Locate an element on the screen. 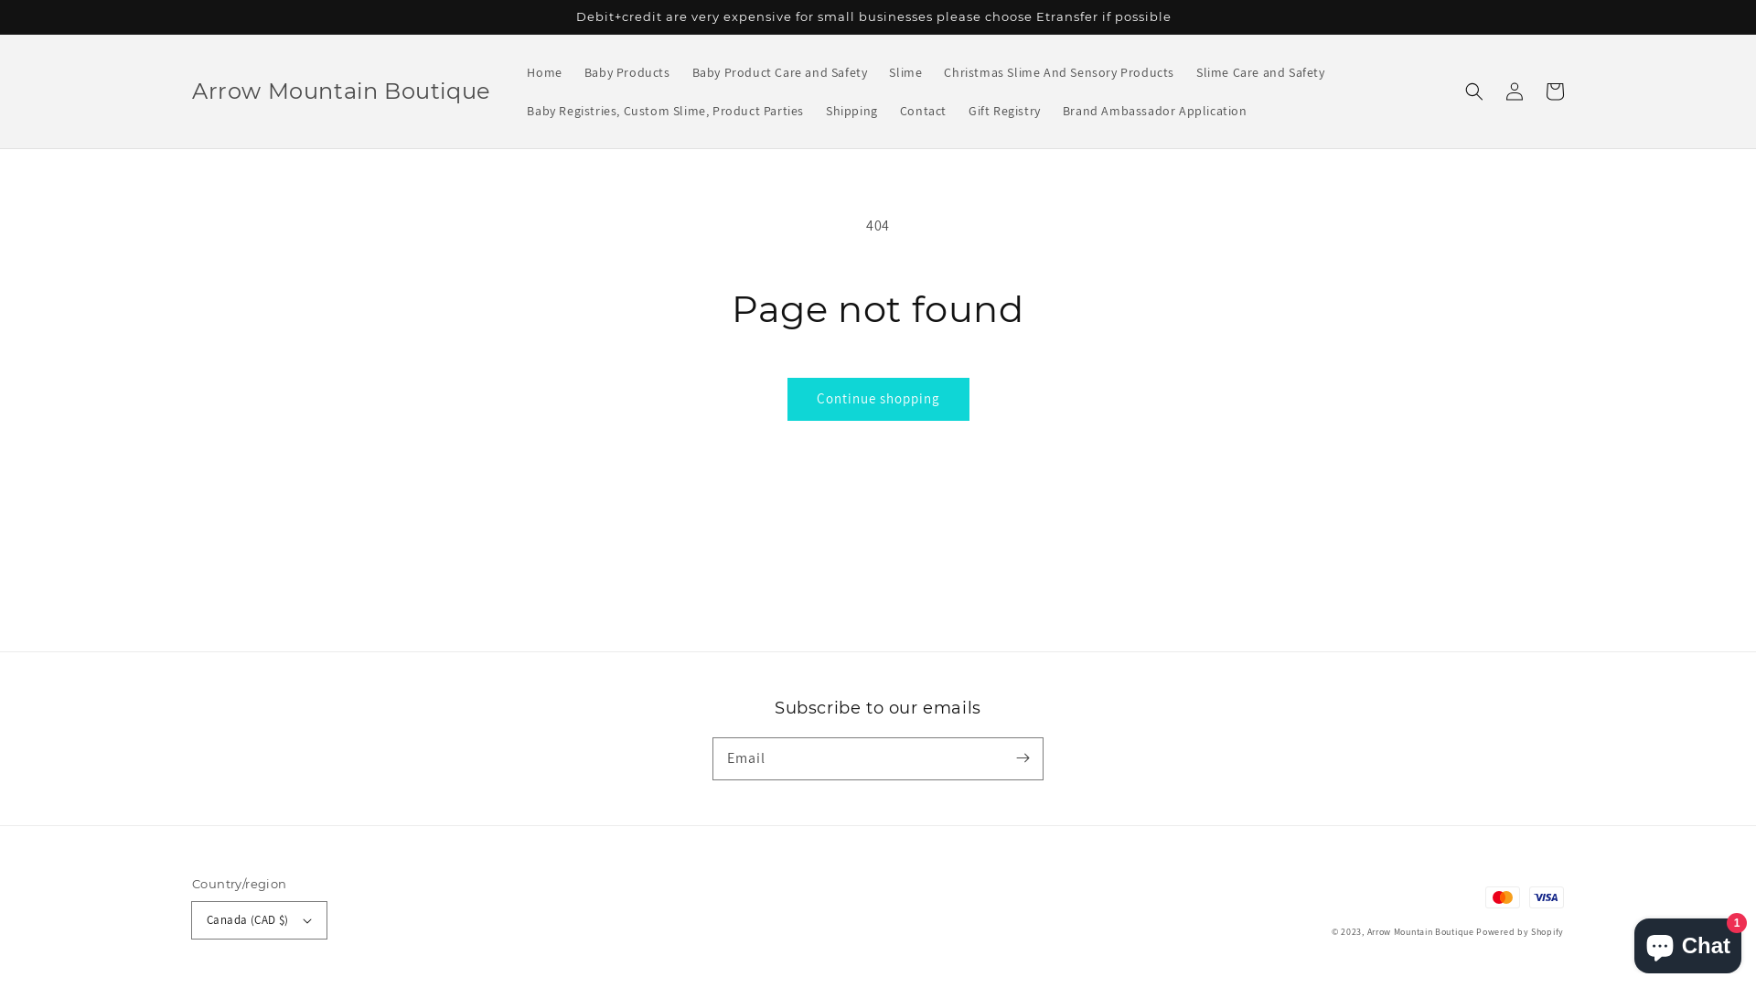  'Contact' is located at coordinates (923, 110).